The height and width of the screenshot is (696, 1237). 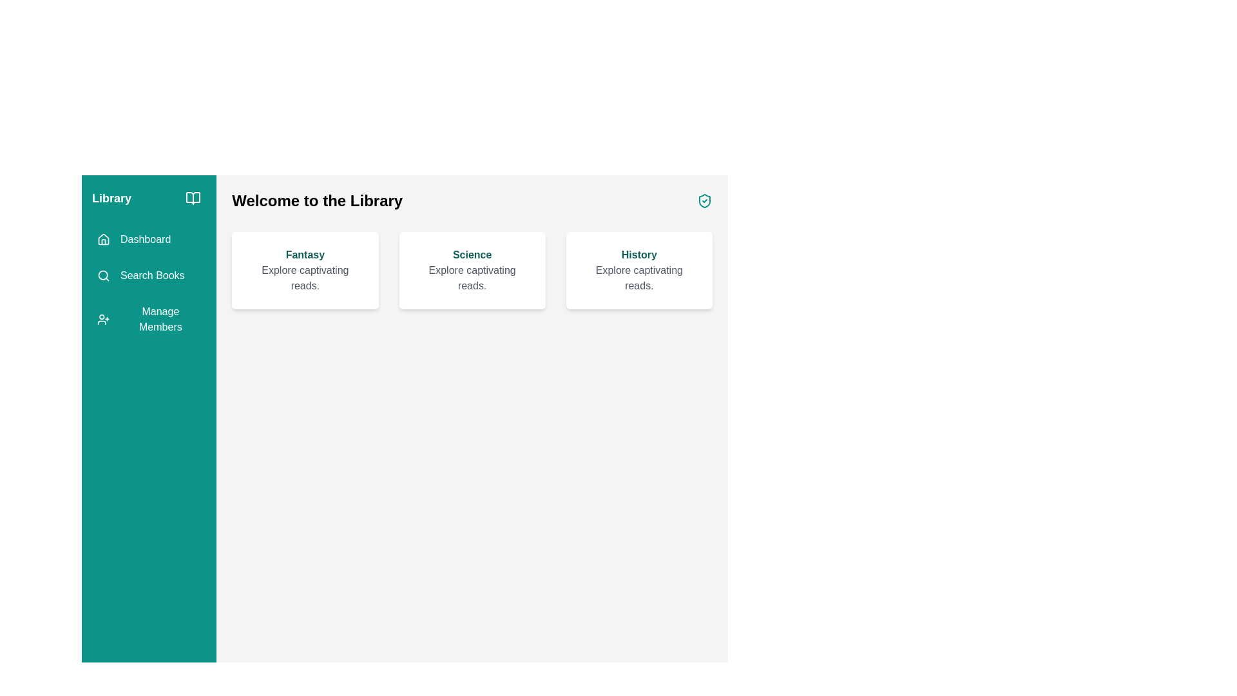 What do you see at coordinates (304, 278) in the screenshot?
I see `the text label that reads 'Explore captivating reads.' which is the second text block within the 'Fantasy' card` at bounding box center [304, 278].